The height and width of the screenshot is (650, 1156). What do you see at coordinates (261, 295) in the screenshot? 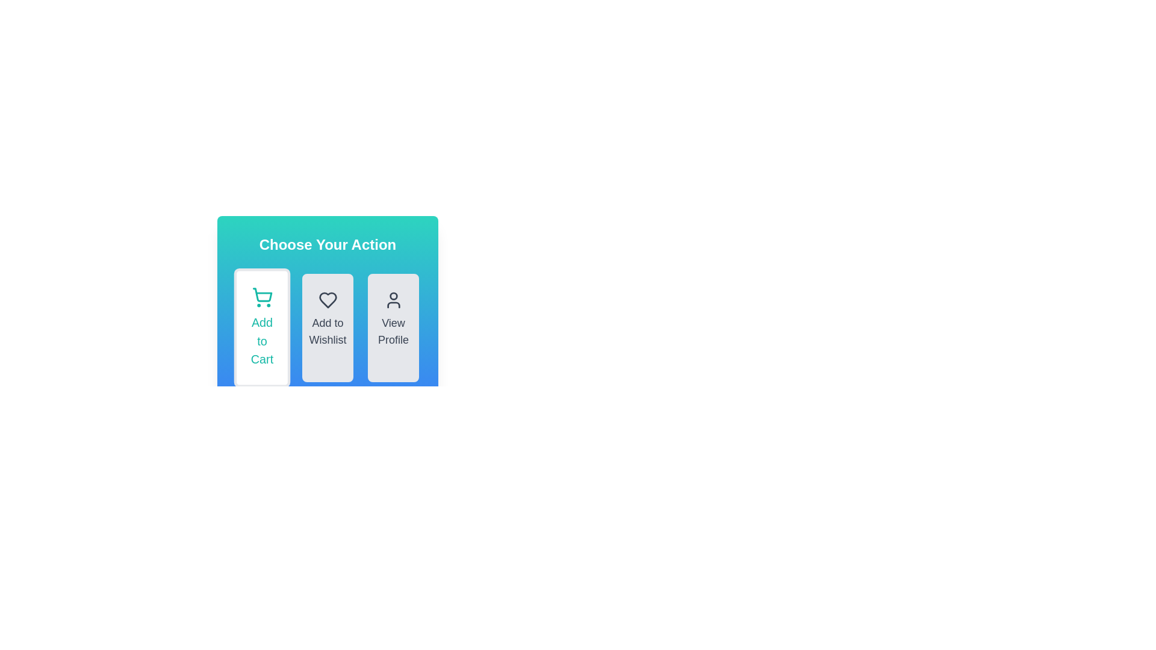
I see `the teal shopping cart icon located in the leftmost action button labeled 'Add to Cart' in the 'Choose Your Action' section` at bounding box center [261, 295].